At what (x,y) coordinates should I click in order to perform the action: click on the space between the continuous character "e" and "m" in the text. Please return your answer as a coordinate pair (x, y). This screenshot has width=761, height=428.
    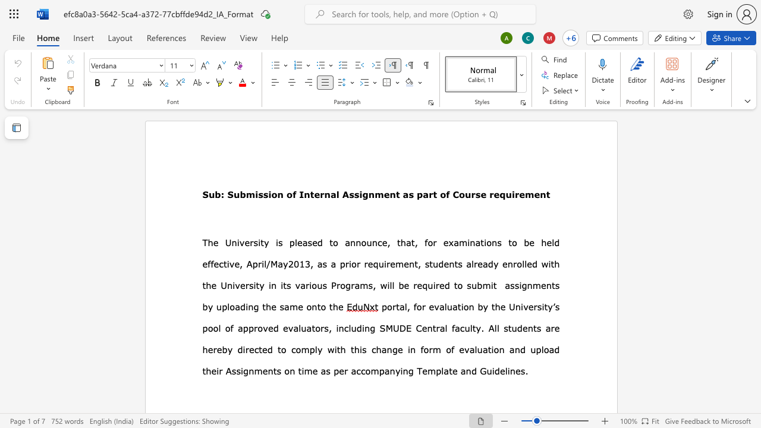
    Looking at the image, I should click on (525, 194).